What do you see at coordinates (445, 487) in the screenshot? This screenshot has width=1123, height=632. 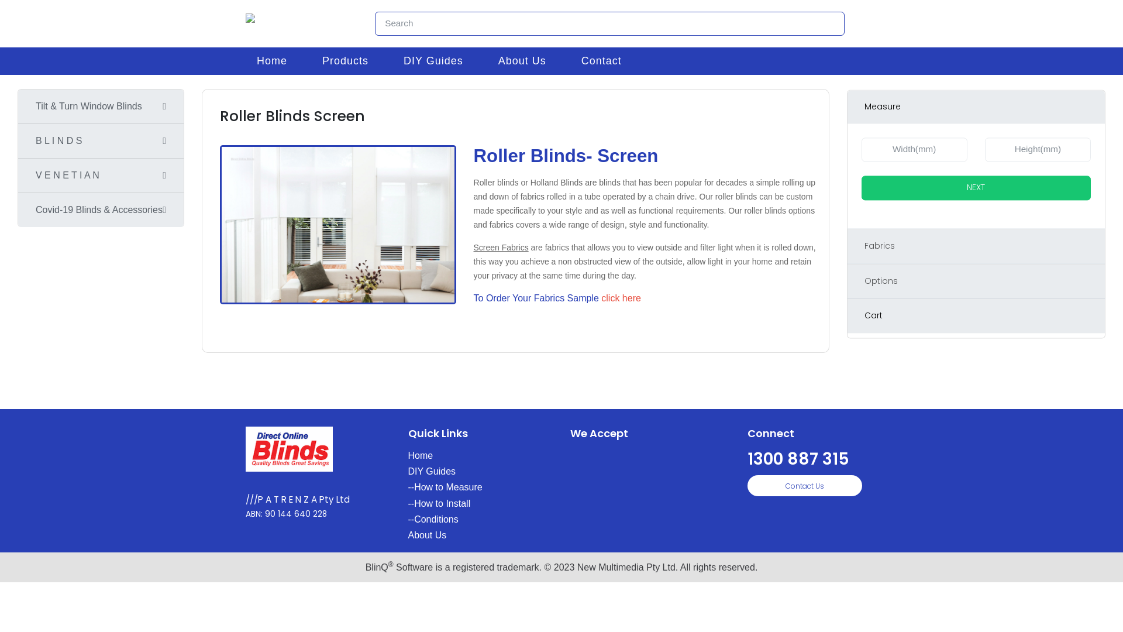 I see `'--How to Measure'` at bounding box center [445, 487].